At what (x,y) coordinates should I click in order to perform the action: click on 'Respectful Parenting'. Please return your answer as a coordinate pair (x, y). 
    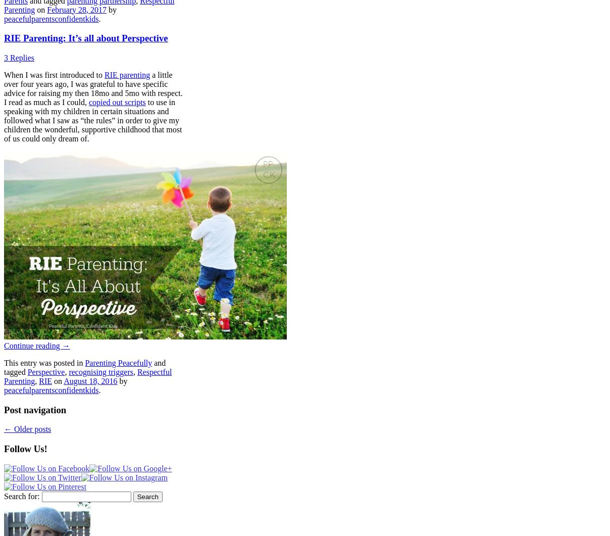
    Looking at the image, I should click on (87, 376).